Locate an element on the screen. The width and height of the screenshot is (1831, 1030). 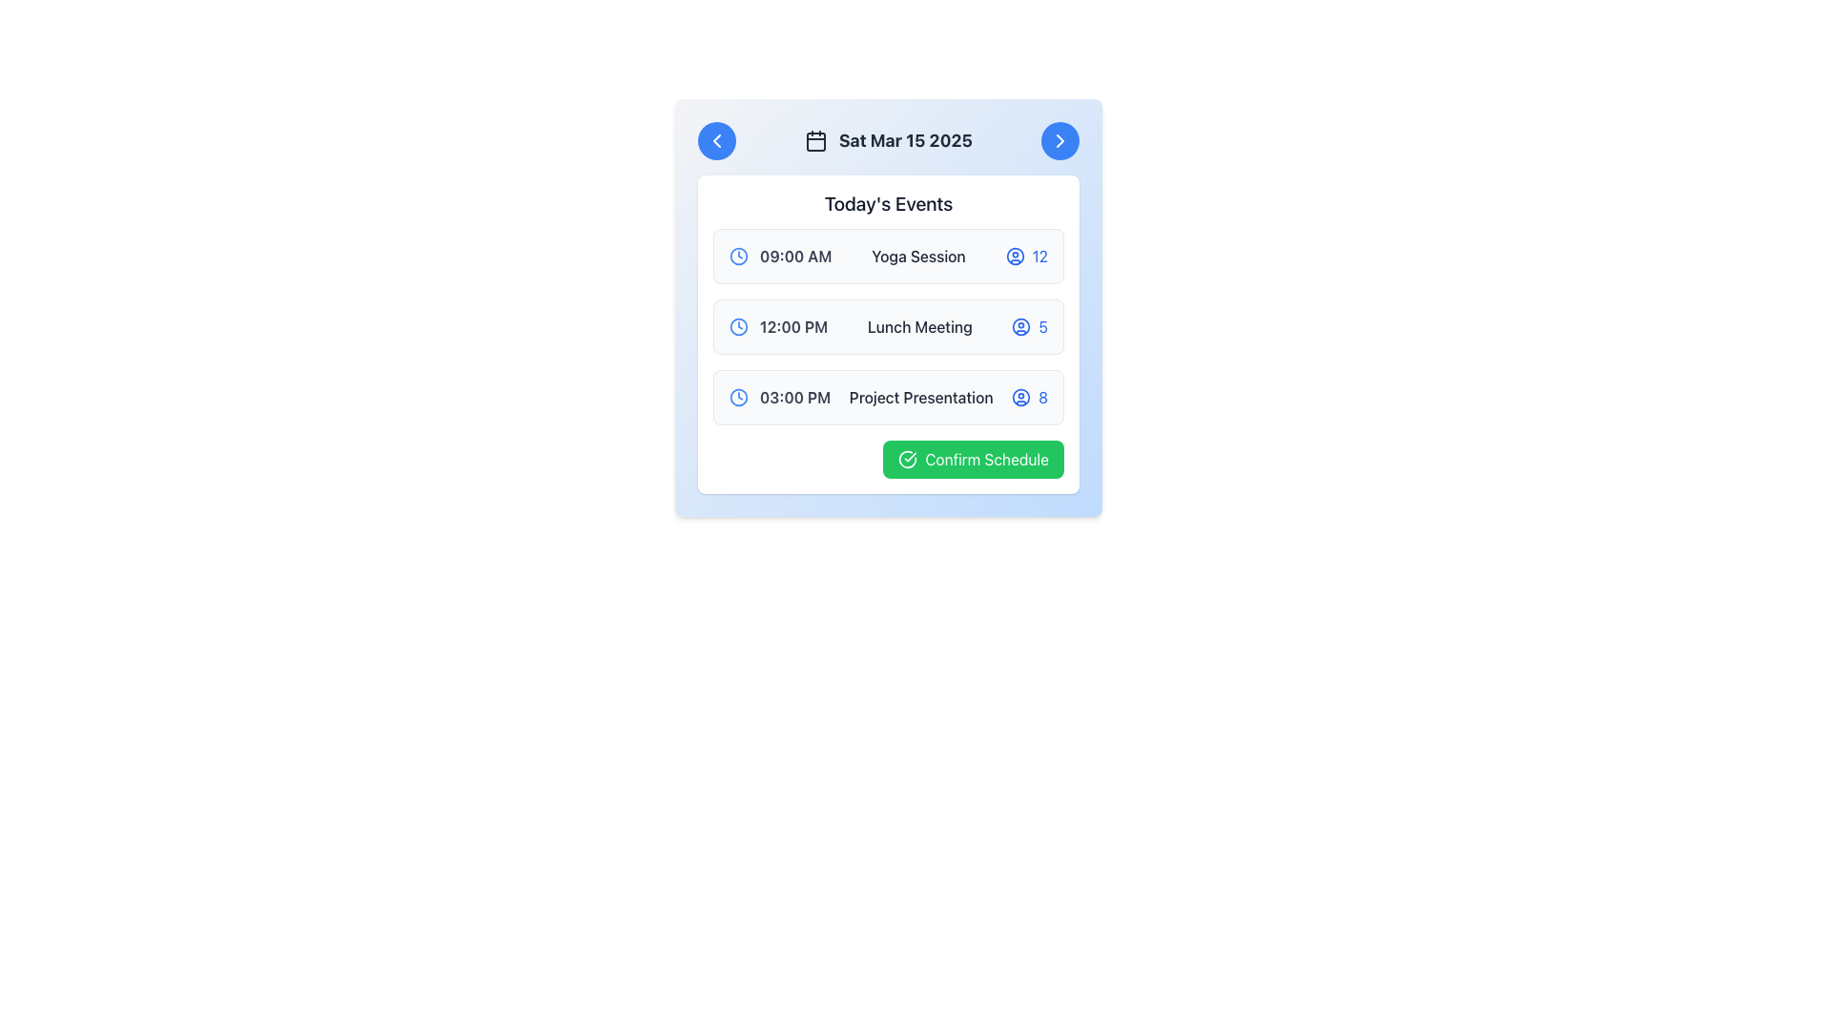
the text display element located is located at coordinates (795, 256).